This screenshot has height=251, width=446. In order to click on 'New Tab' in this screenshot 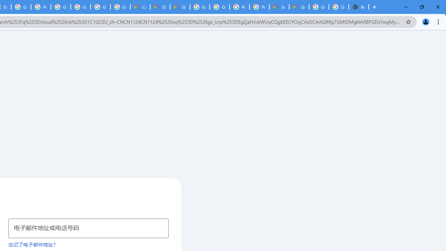, I will do `click(359, 7)`.